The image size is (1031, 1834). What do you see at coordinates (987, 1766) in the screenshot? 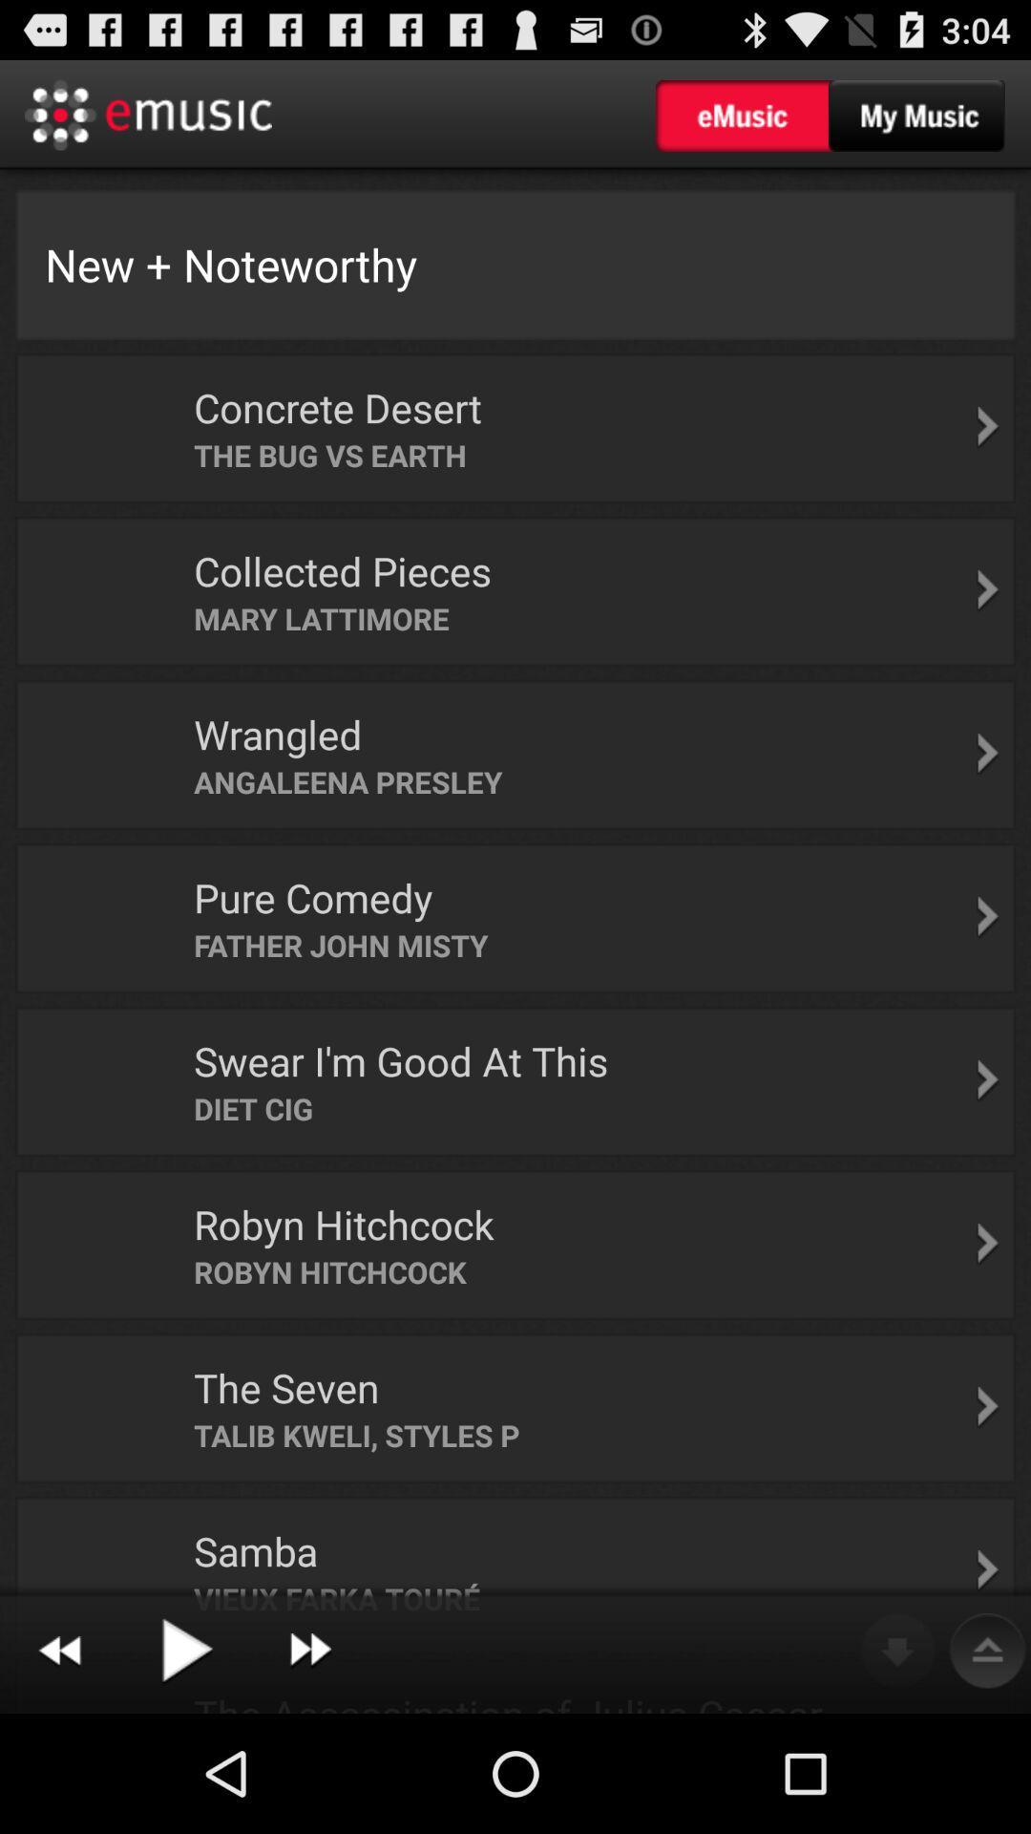
I see `the expand_less icon` at bounding box center [987, 1766].